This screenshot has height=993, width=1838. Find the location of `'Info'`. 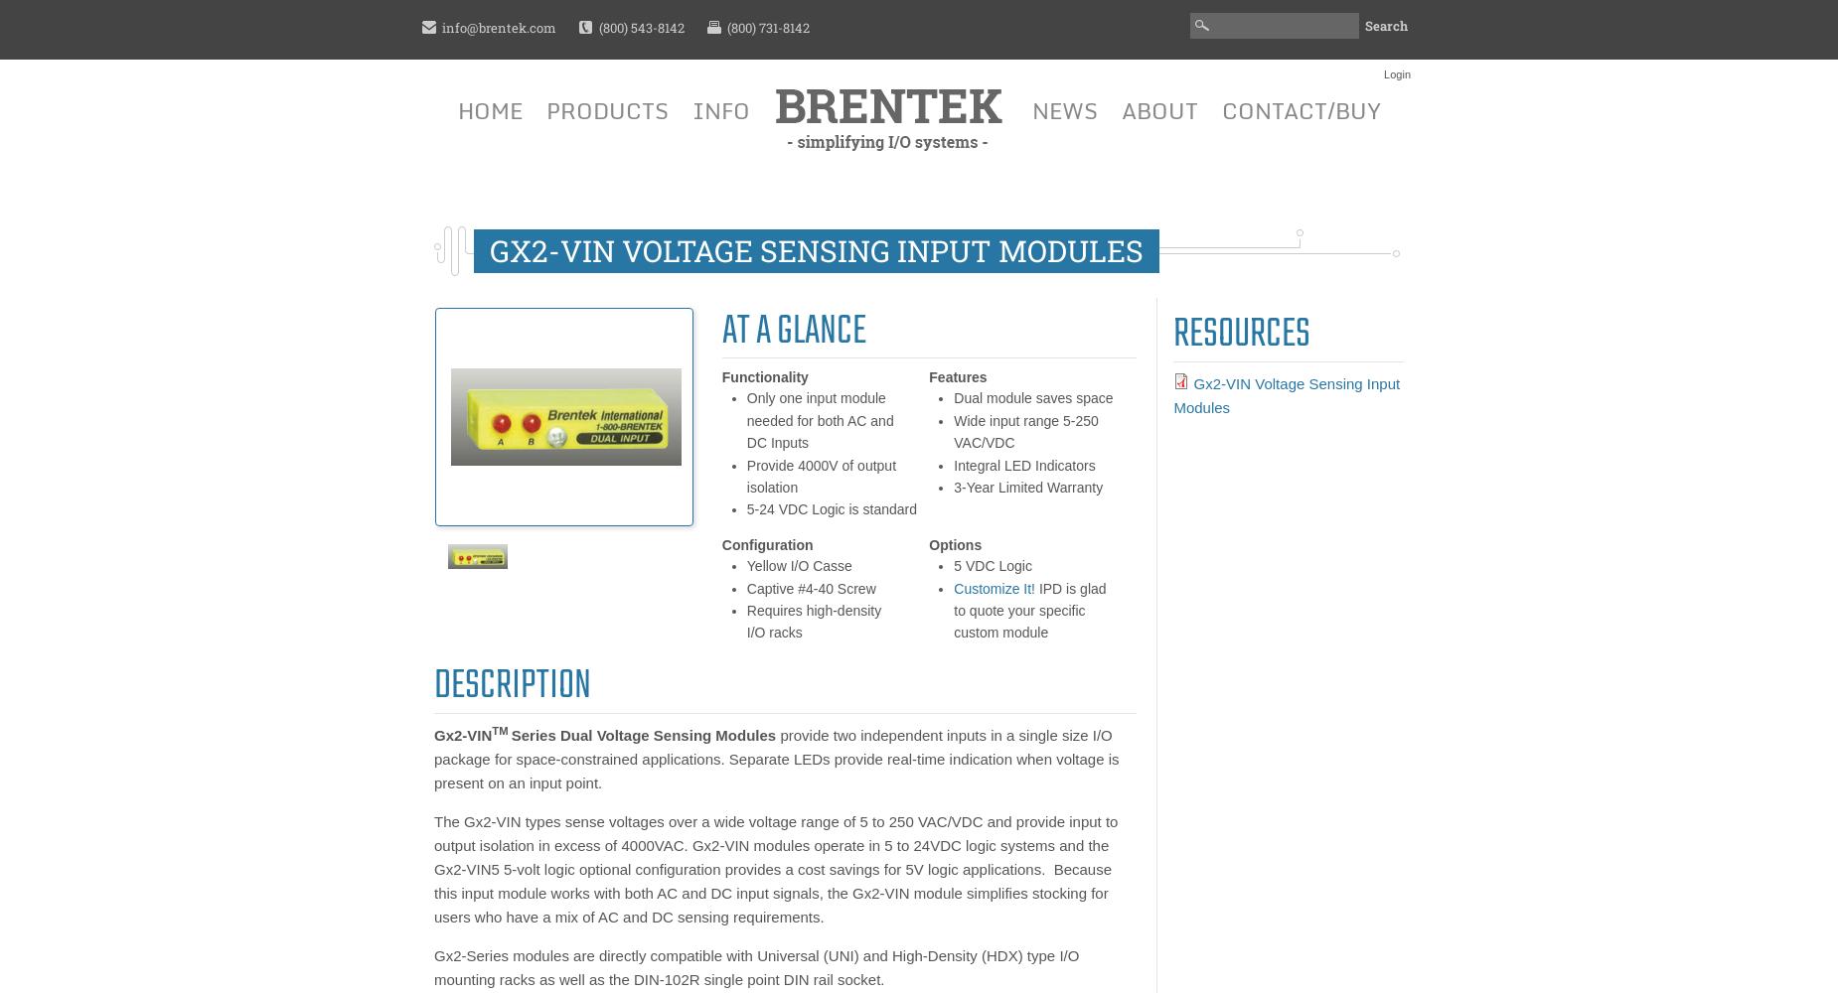

'Info' is located at coordinates (720, 109).